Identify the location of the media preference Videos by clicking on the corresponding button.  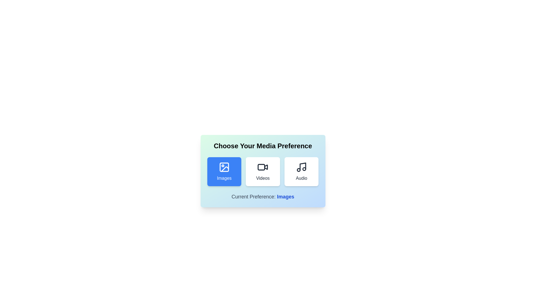
(262, 171).